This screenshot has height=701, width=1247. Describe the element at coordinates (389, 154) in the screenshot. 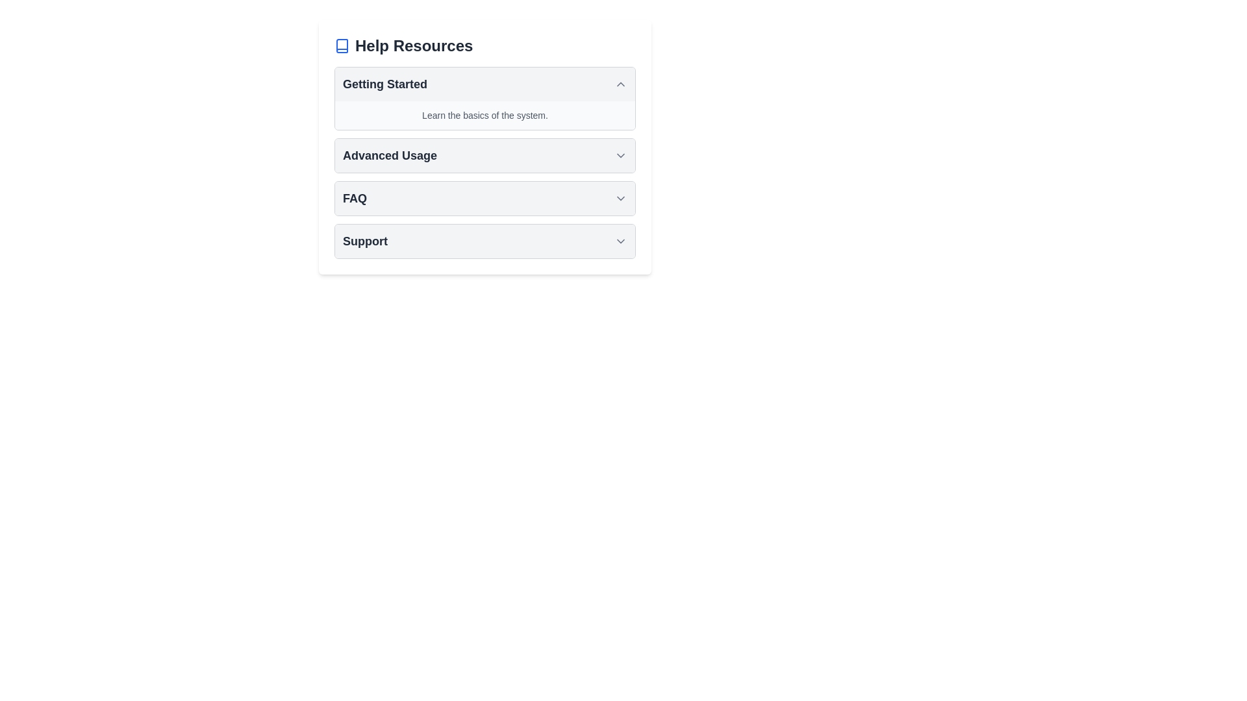

I see `the text label indicating a category under 'Help Resources', positioned in the second list item, aligned to the left with a chevron icon adjacent to it` at that location.